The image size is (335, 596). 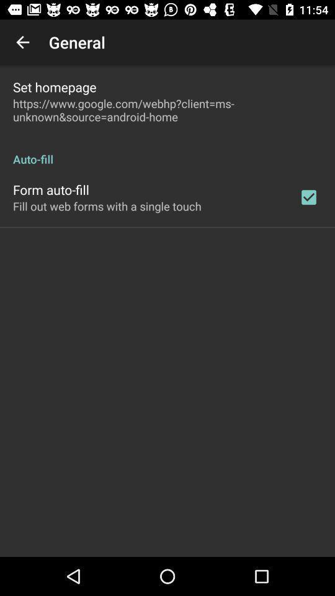 I want to click on the item above https www google app, so click(x=54, y=86).